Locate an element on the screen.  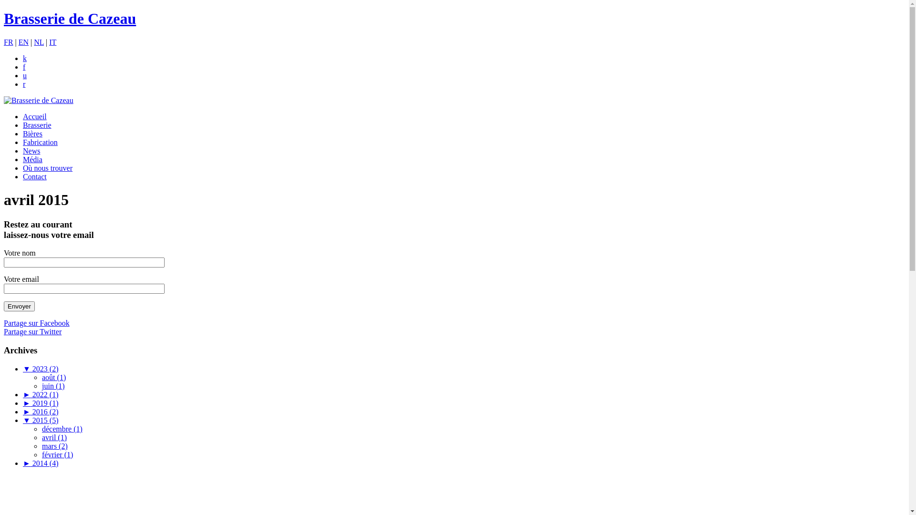
'r' is located at coordinates (24, 83).